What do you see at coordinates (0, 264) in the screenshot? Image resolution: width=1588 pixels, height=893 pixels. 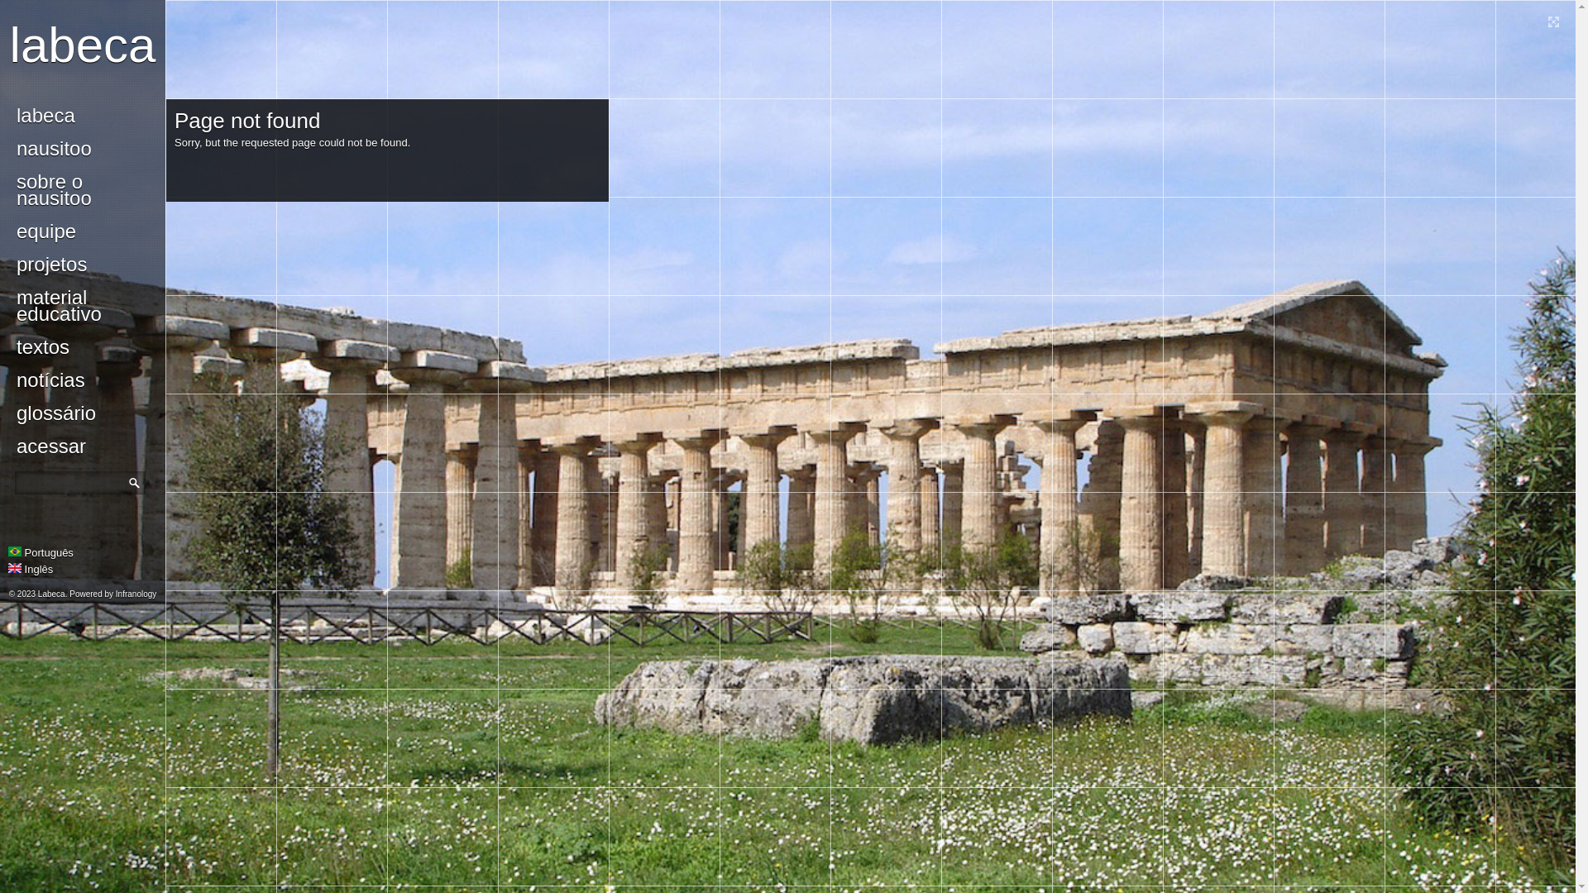 I see `'projetos'` at bounding box center [0, 264].